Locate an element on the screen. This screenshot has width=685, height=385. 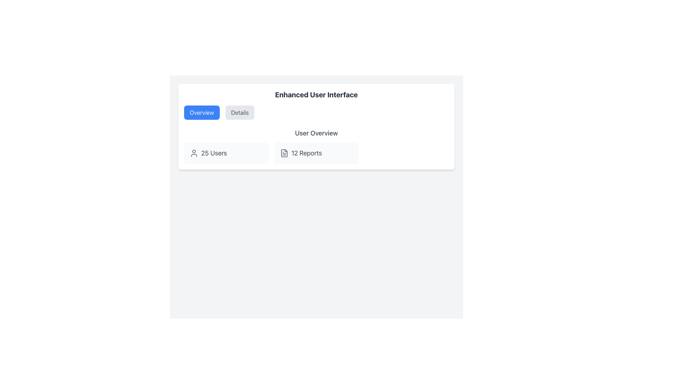
the button with rounded corners labeled 'Details' is located at coordinates (240, 112).